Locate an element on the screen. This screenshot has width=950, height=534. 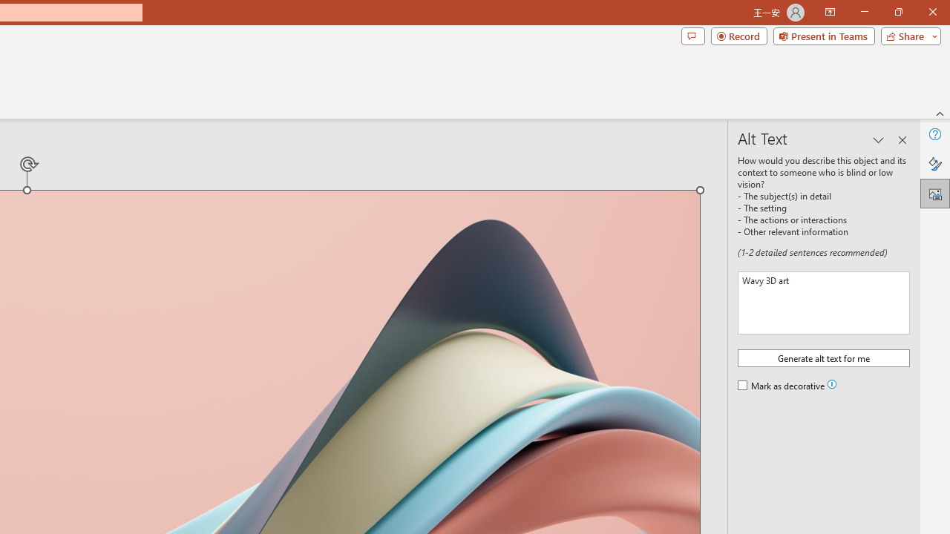
'Generate alt text for me' is located at coordinates (823, 358).